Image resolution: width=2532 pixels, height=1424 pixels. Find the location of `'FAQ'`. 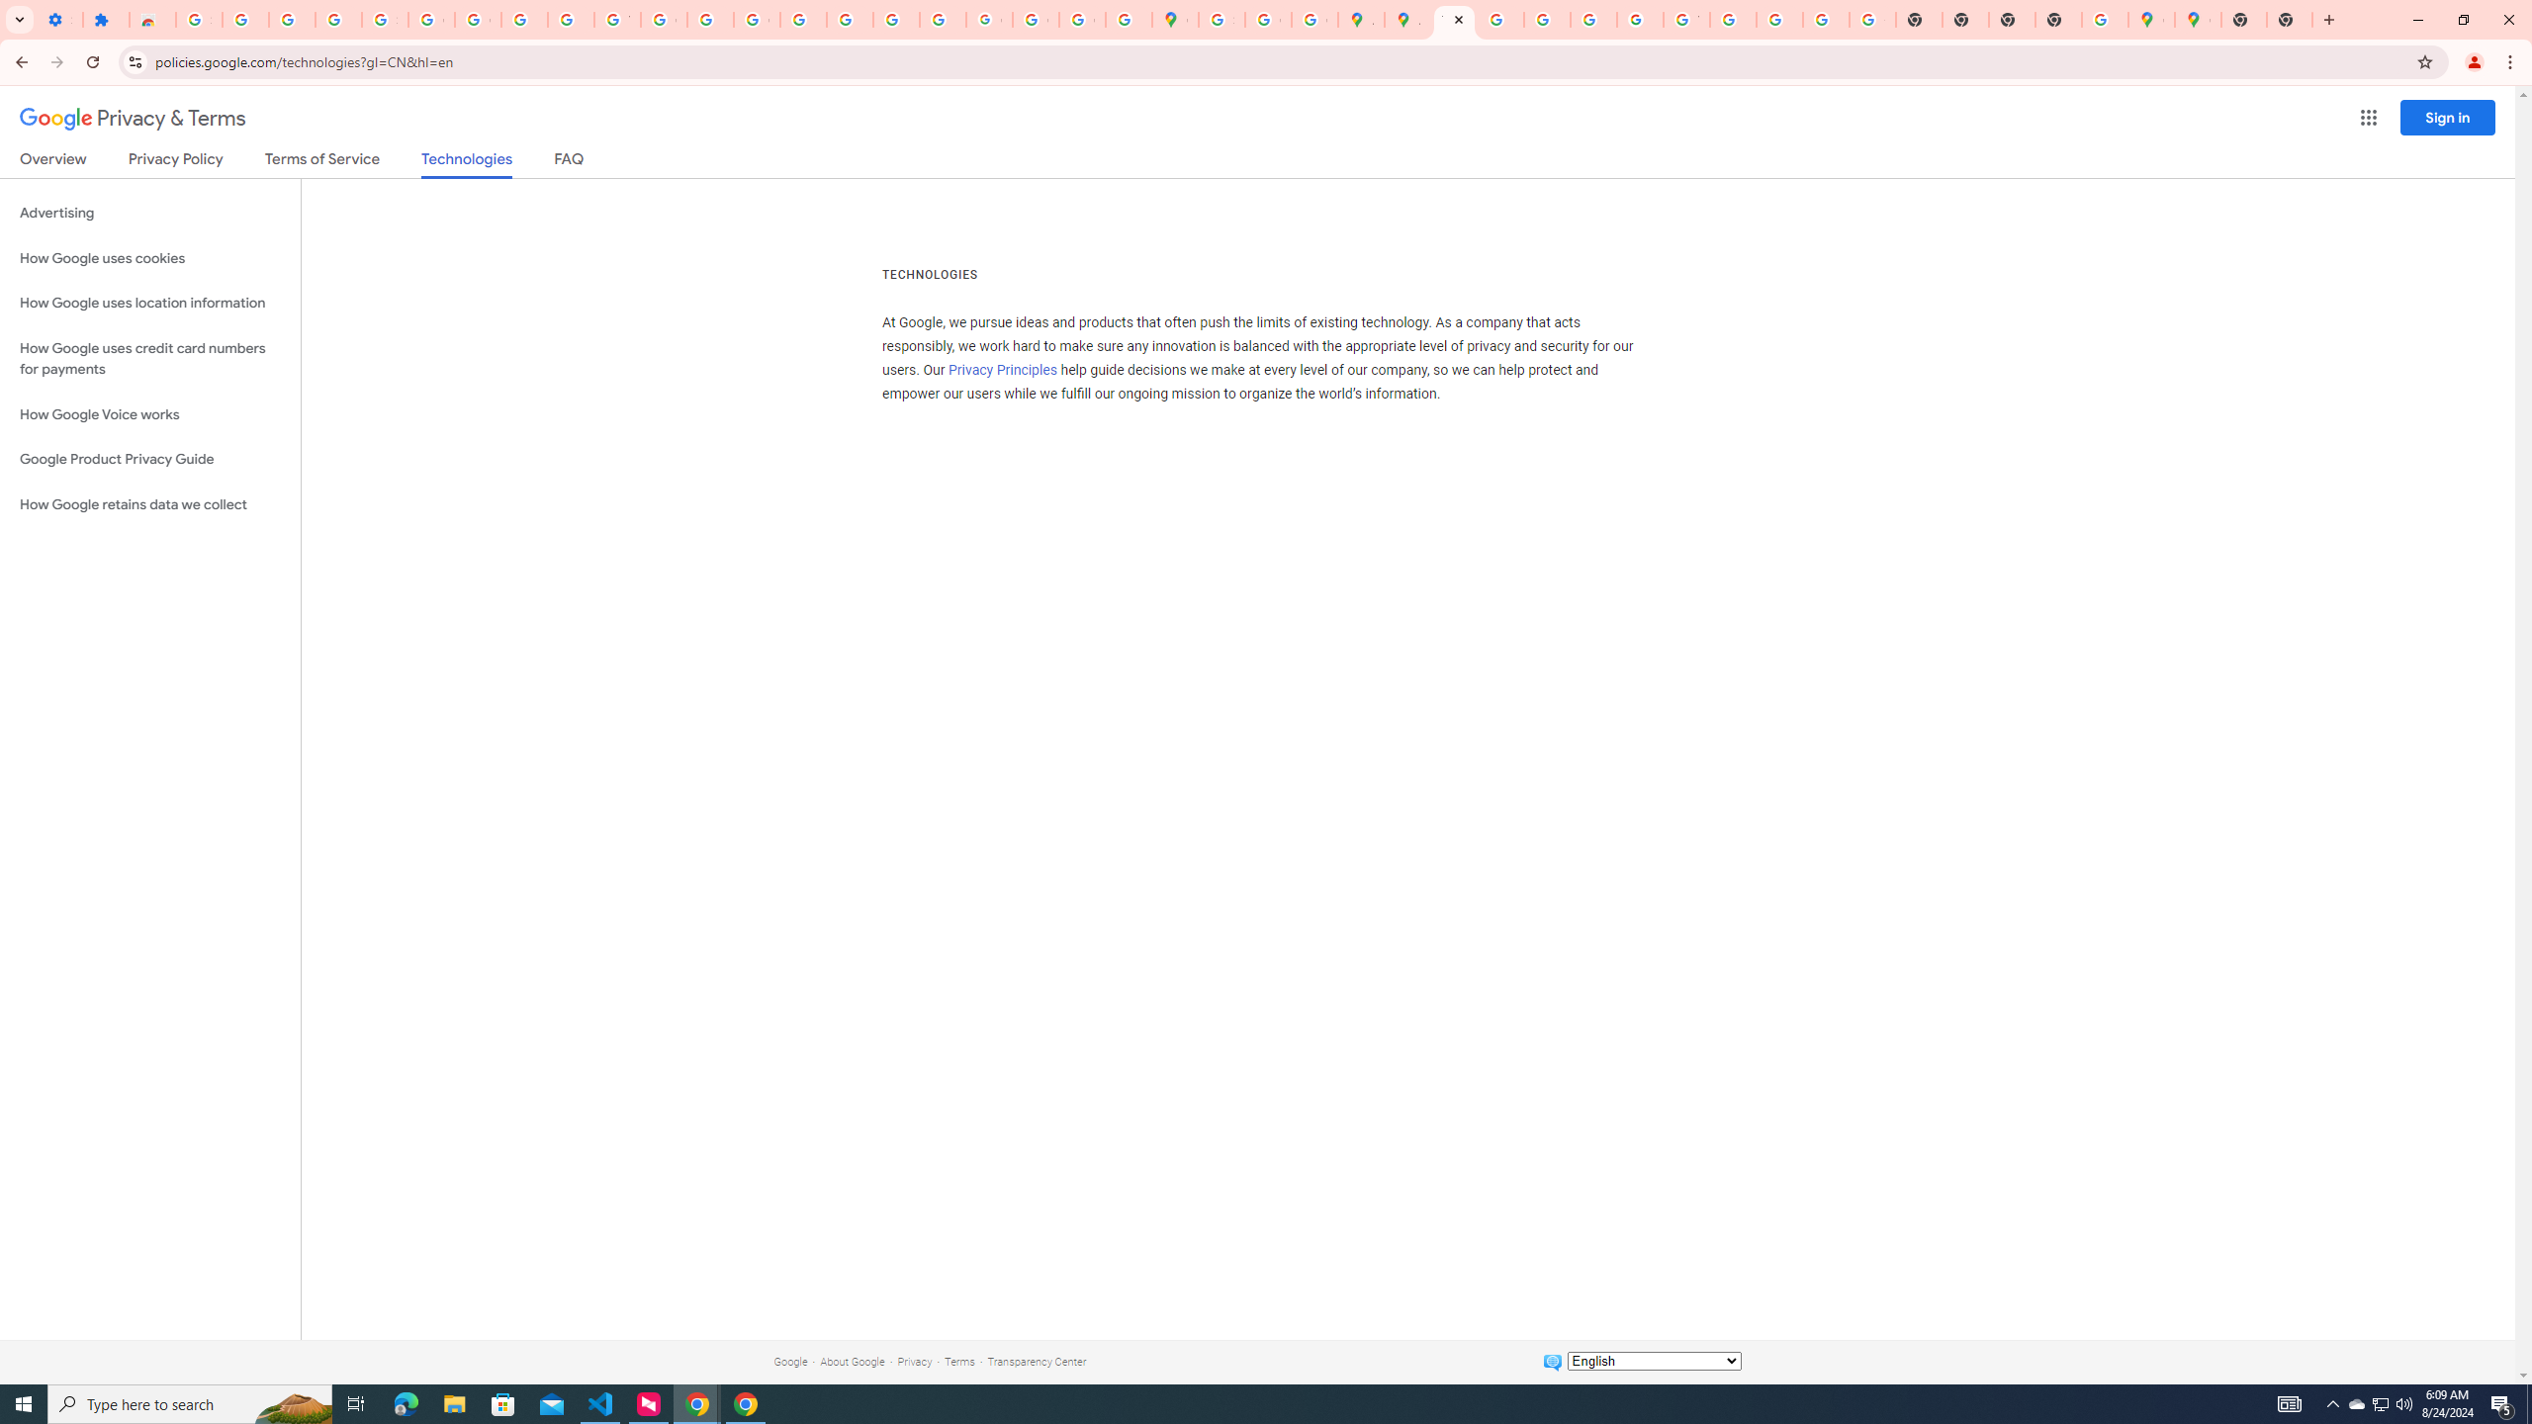

'FAQ' is located at coordinates (569, 162).